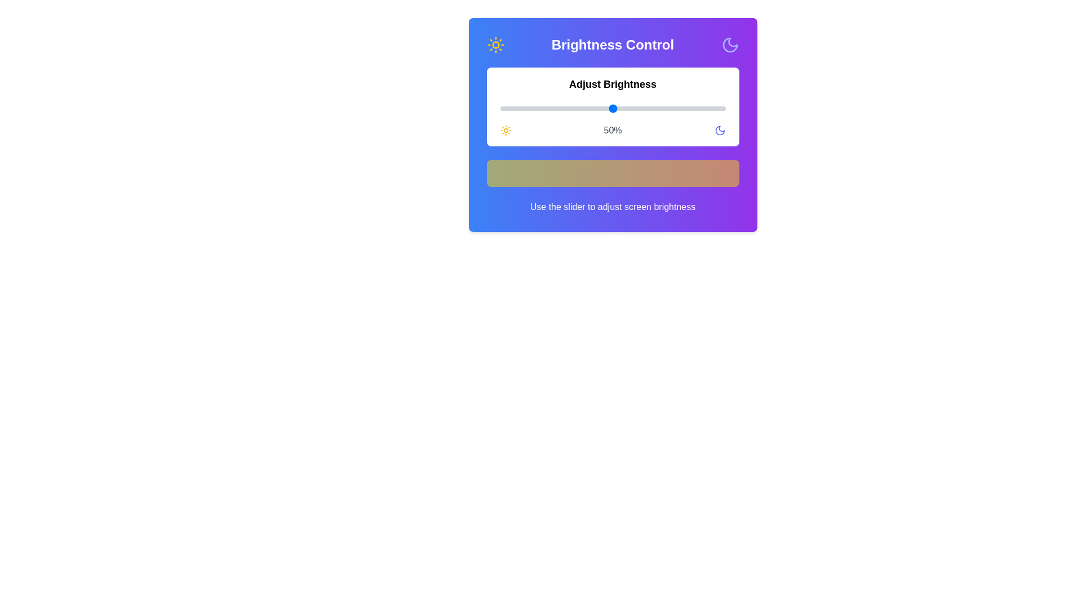 This screenshot has height=608, width=1082. What do you see at coordinates (495, 44) in the screenshot?
I see `the sun icon to symbolize brightness adjustment` at bounding box center [495, 44].